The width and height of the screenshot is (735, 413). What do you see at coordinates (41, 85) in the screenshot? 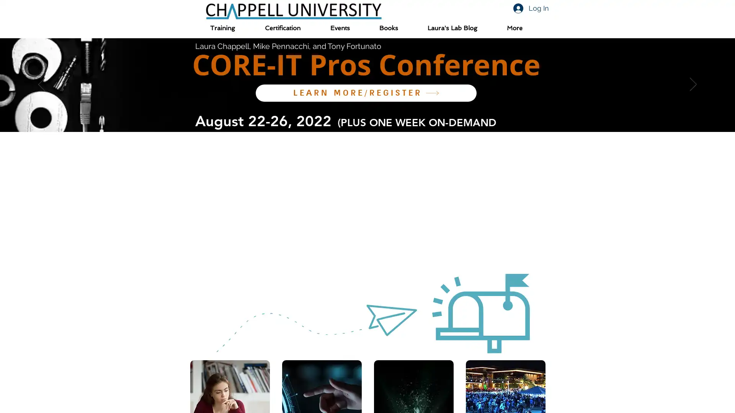
I see `Previous` at bounding box center [41, 85].